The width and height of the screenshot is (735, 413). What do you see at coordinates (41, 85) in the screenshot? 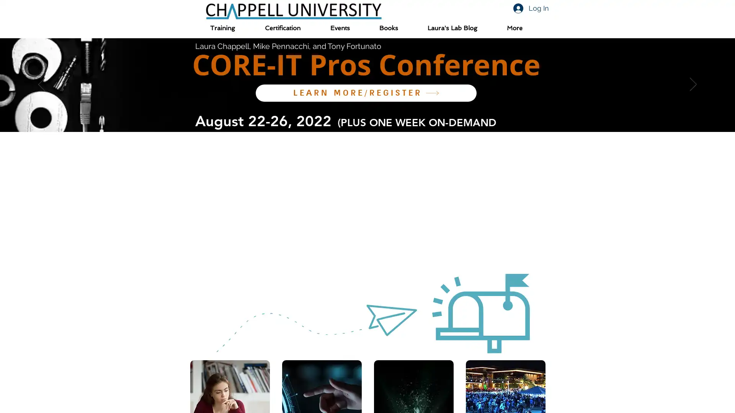
I see `Previous` at bounding box center [41, 85].